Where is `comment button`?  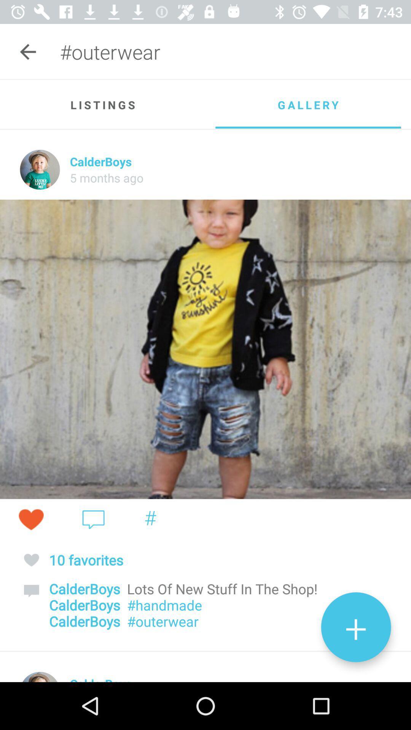
comment button is located at coordinates (93, 519).